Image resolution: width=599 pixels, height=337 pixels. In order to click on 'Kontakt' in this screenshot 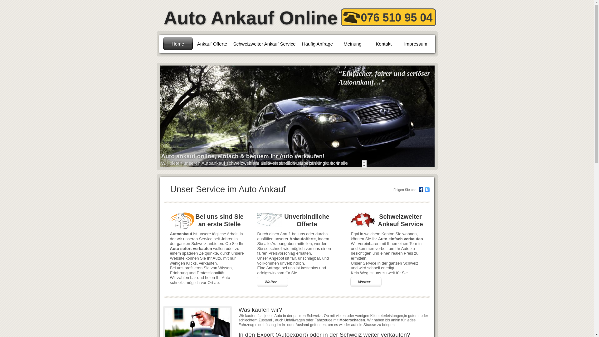, I will do `click(383, 43)`.